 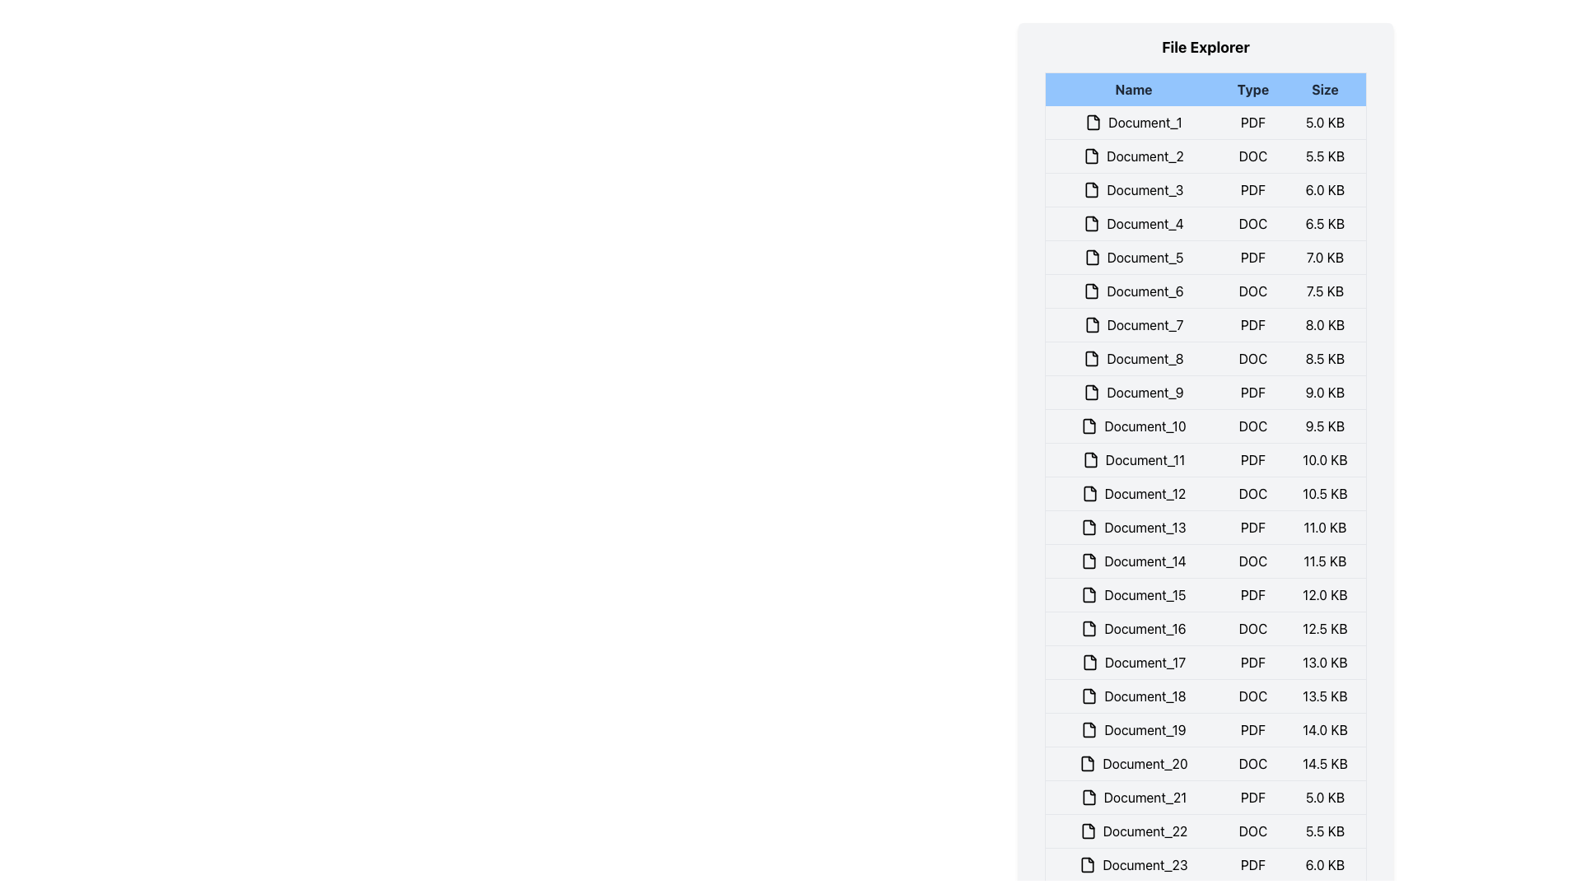 I want to click on the text label indicating the file type (DOC) for the associated file in the file explorer, located in the table row for 'Document_22', so click(x=1252, y=831).